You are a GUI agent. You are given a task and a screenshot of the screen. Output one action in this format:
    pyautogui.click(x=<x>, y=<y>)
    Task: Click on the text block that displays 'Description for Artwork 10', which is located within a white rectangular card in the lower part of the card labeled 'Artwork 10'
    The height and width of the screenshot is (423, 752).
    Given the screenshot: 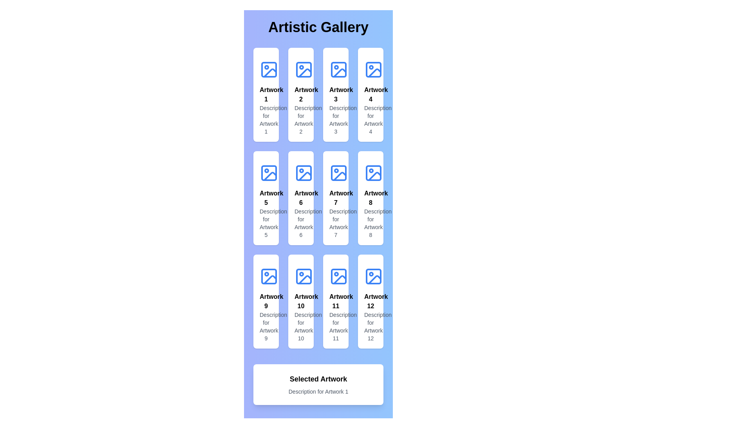 What is the action you would take?
    pyautogui.click(x=300, y=326)
    